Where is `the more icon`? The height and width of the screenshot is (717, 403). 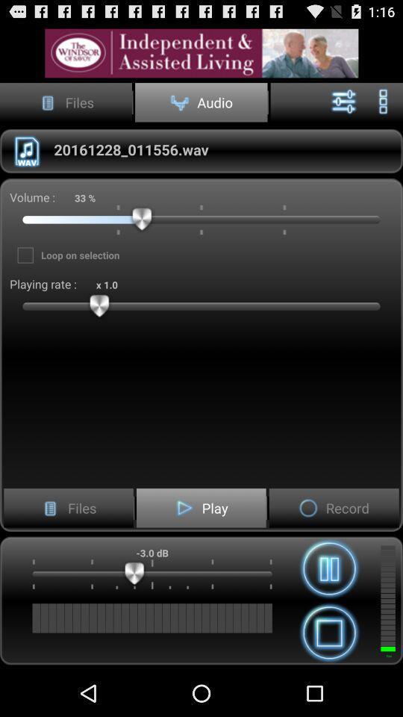
the more icon is located at coordinates (383, 108).